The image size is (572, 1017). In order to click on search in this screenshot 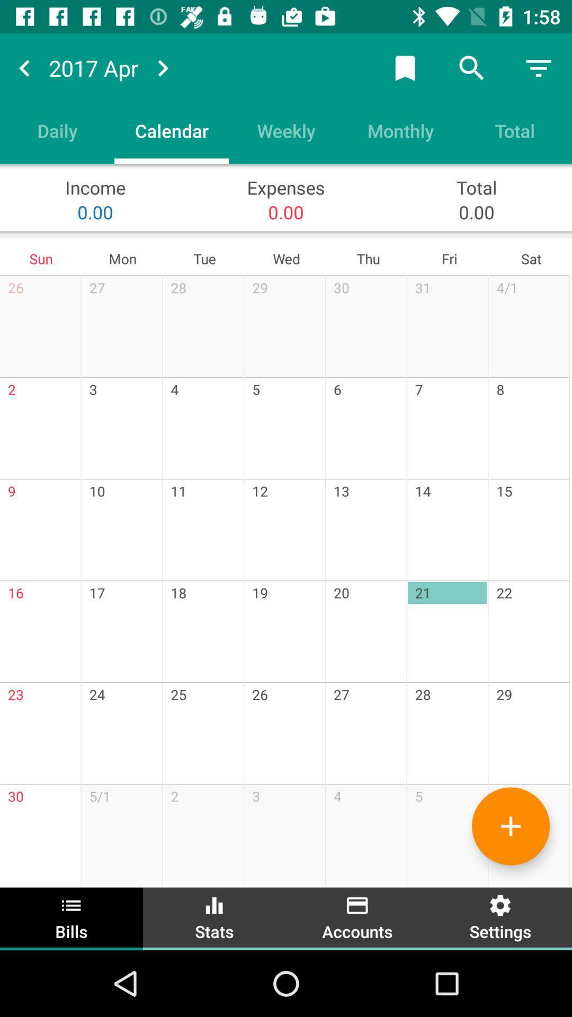, I will do `click(471, 67)`.